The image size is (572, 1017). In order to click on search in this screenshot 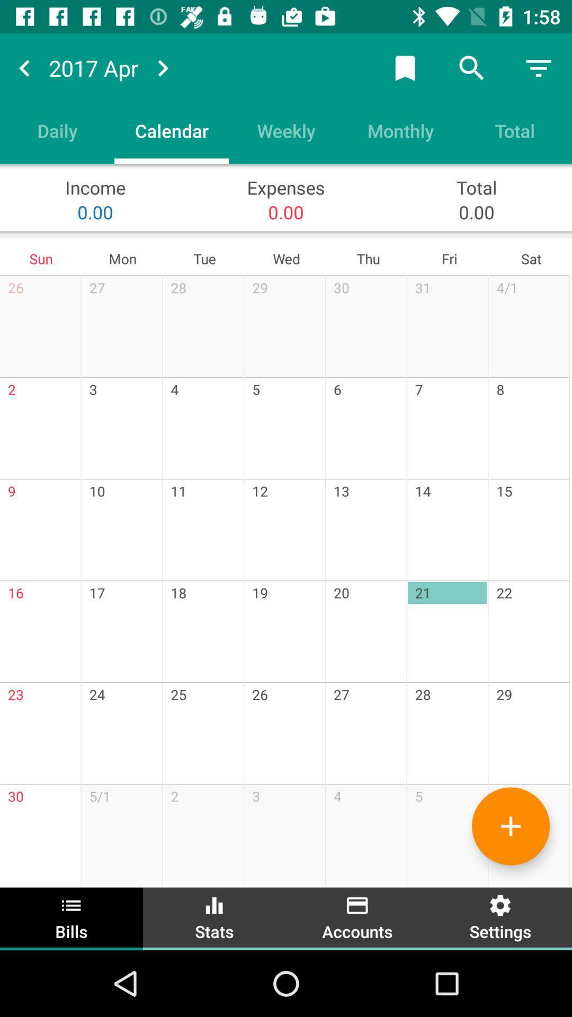, I will do `click(471, 67)`.